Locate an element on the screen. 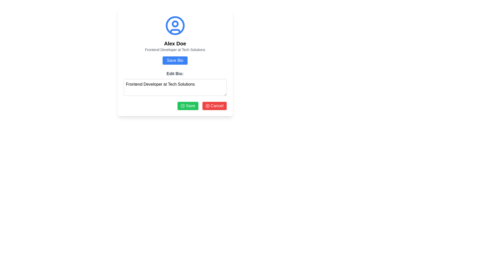 The image size is (494, 277). on the text input field for editing the bio or job title, located below the 'Edit Bio:' text is located at coordinates (175, 87).